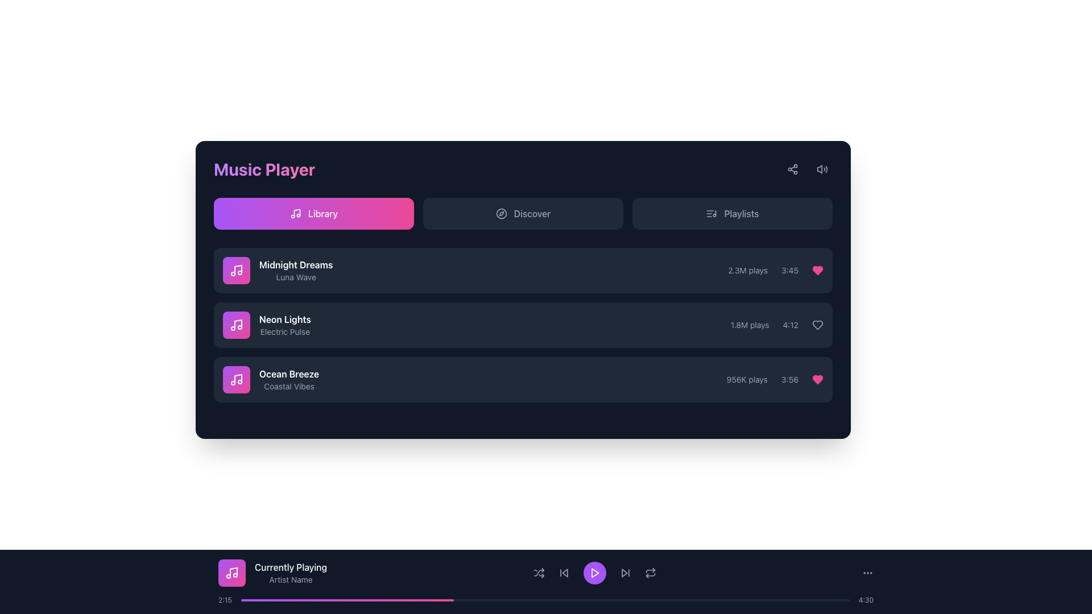  Describe the element at coordinates (291, 572) in the screenshot. I see `the Label element displaying 'Currently Playing' and 'Artist Name' in the bottom playback bar of the music player interface` at that location.